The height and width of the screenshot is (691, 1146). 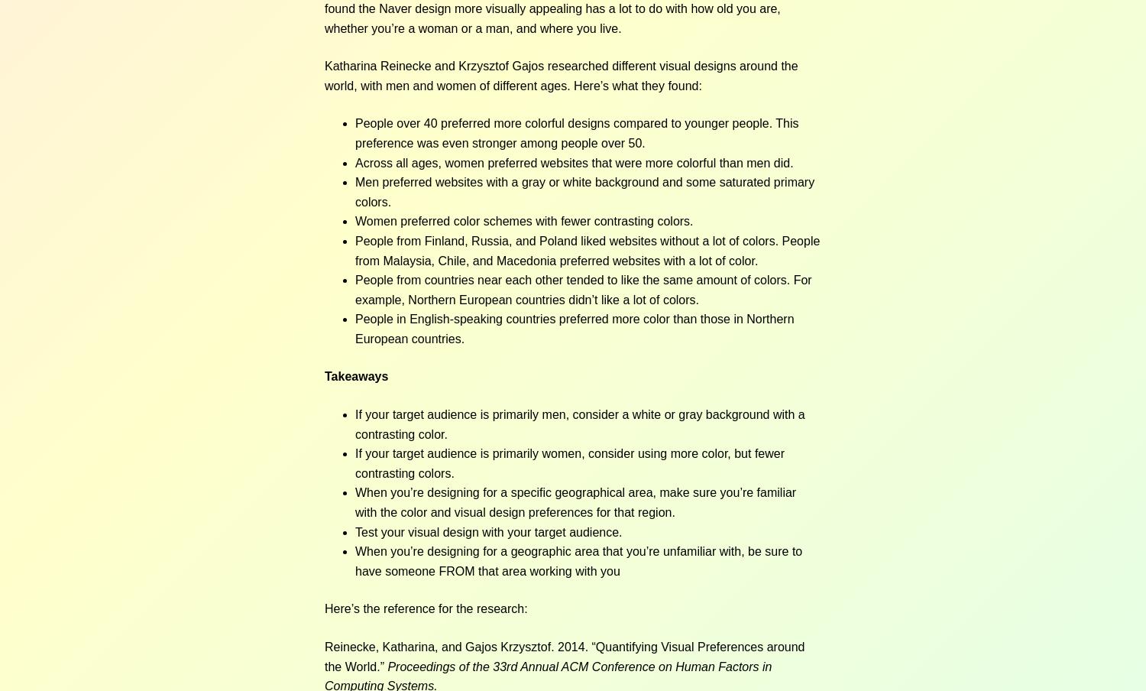 What do you see at coordinates (488, 530) in the screenshot?
I see `'Test your visual design with your target audience.'` at bounding box center [488, 530].